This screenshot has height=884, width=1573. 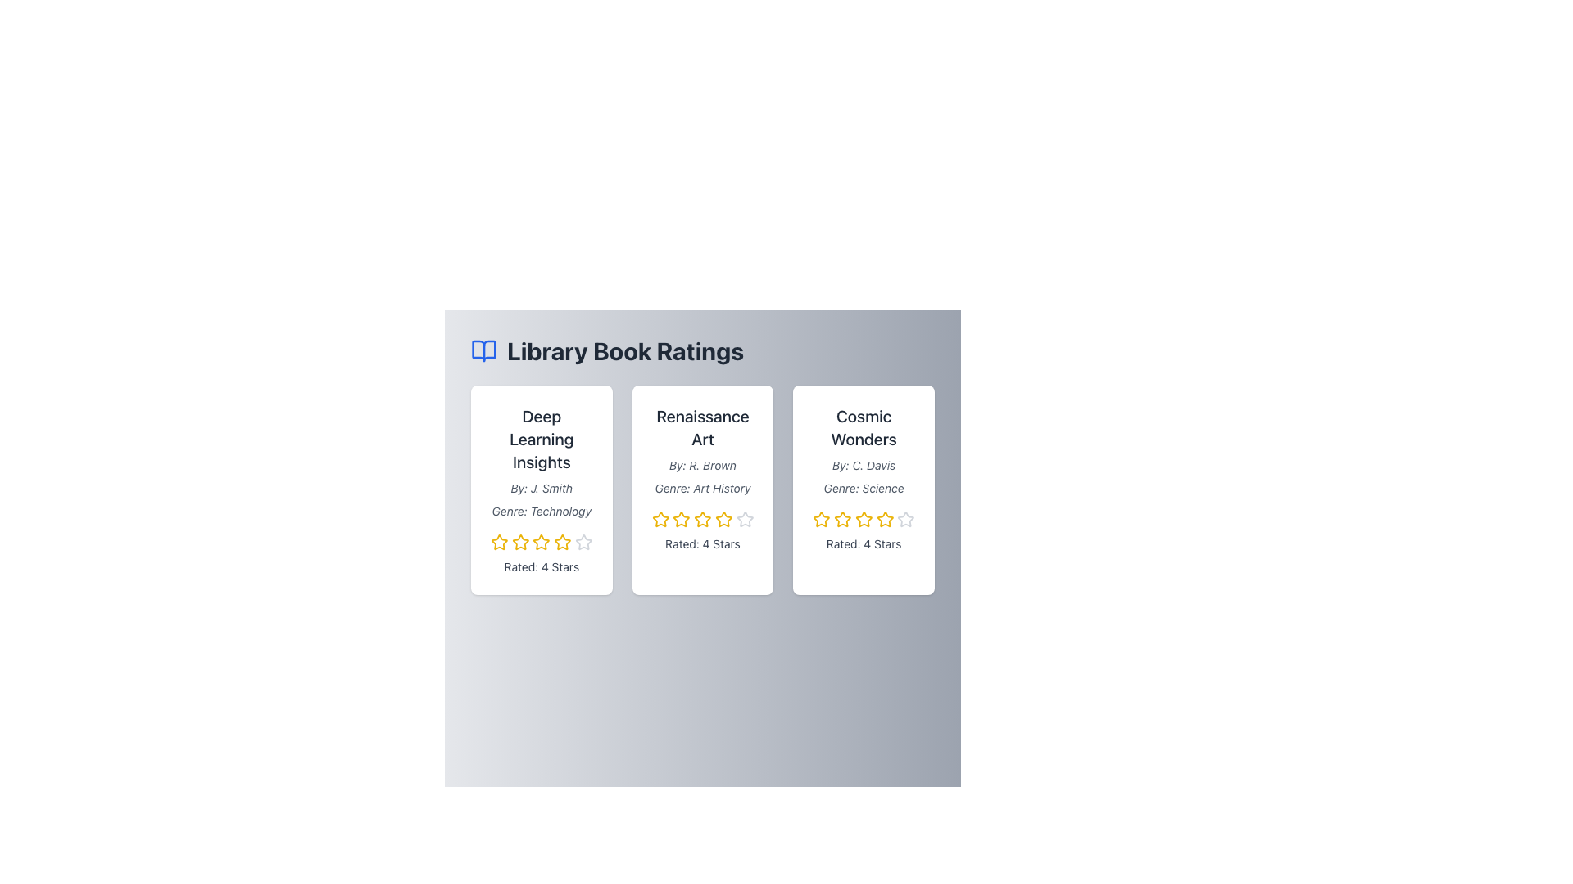 I want to click on the fourth yellow star icon in the rating system of the 'Cosmic Wonders' card, which is styled with a modern appearance and features a hover effect that scales the icon, so click(x=863, y=520).